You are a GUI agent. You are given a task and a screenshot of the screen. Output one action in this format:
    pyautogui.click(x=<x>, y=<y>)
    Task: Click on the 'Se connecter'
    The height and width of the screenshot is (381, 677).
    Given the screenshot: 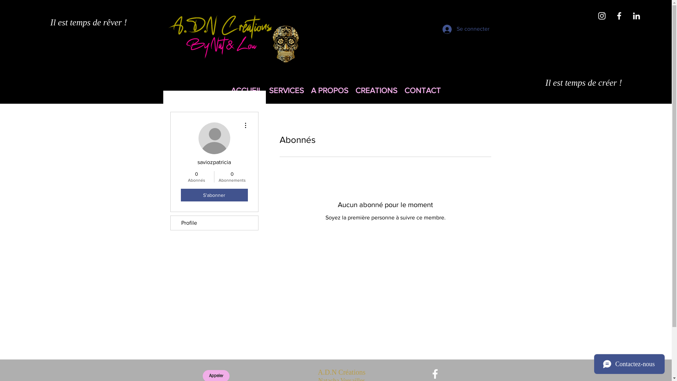 What is the action you would take?
    pyautogui.click(x=458, y=29)
    